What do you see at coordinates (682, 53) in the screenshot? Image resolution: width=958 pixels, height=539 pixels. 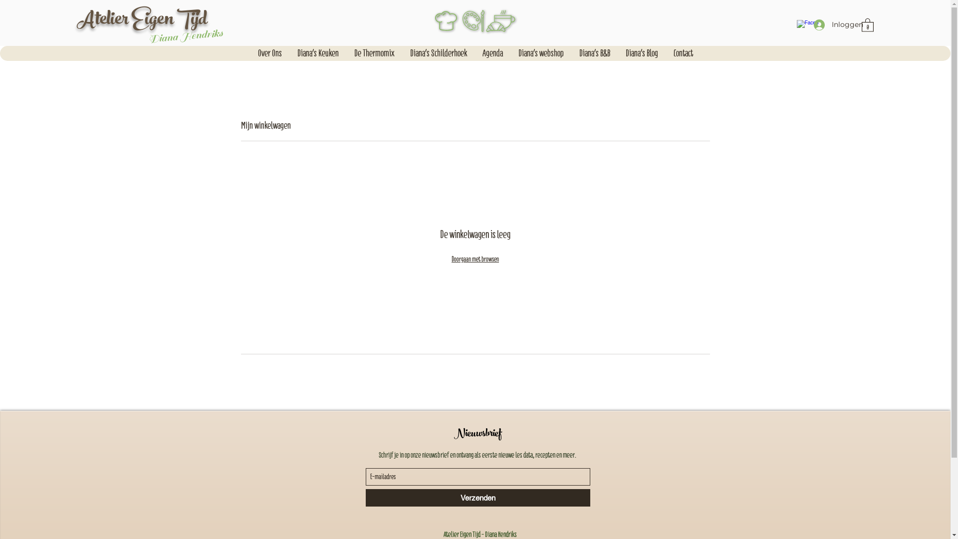 I see `'Contact'` at bounding box center [682, 53].